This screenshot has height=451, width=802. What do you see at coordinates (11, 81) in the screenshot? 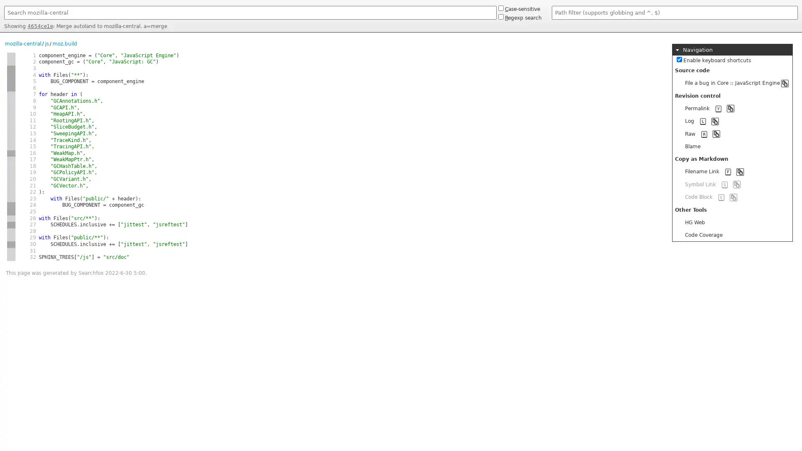
I see `same hash 2` at bounding box center [11, 81].